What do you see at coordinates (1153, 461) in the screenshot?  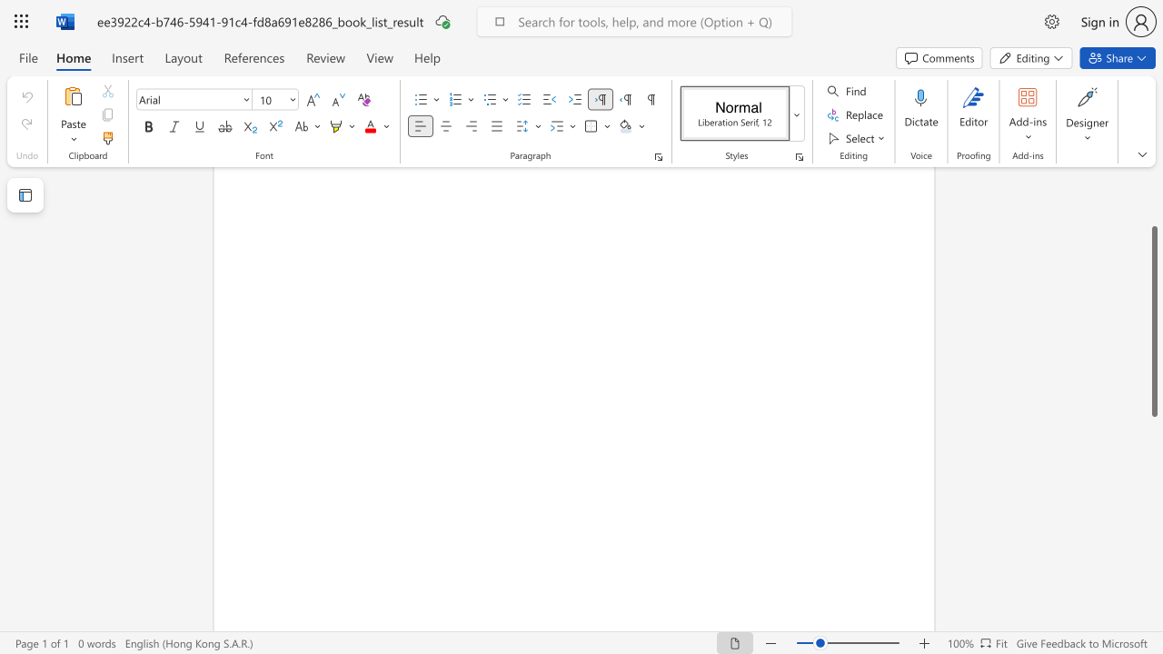 I see `the scrollbar on the right to shift the page lower` at bounding box center [1153, 461].